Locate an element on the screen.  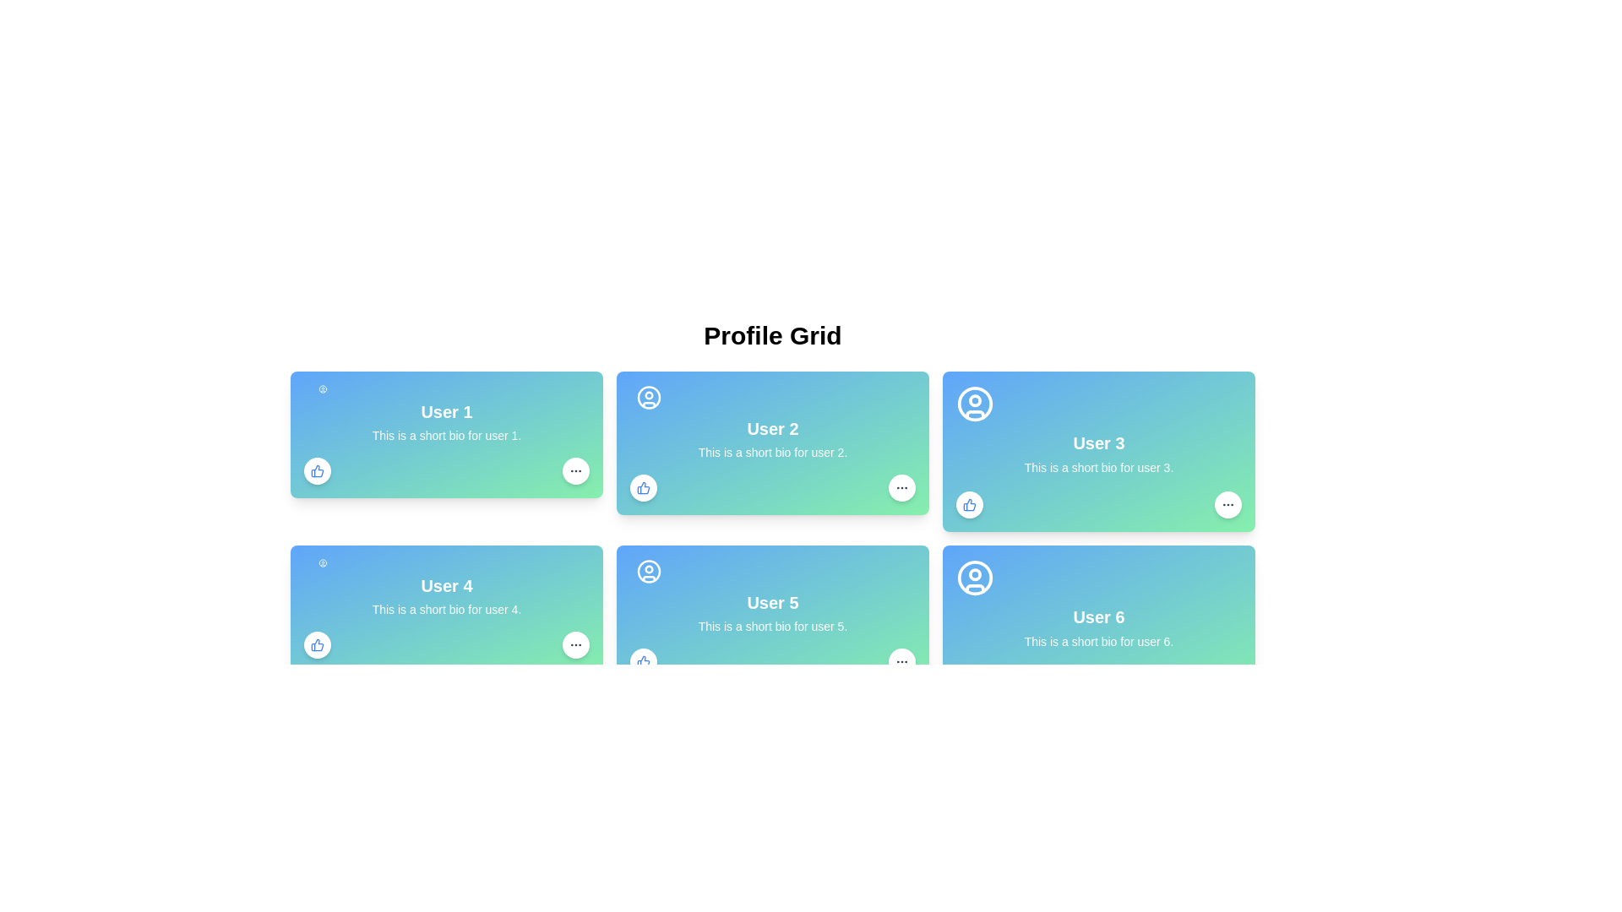
the circular user icon for 'User 6', which features two concentric circles and a rectangular base with a white stroke on a gradient blue-green background, located at the top left of the profile card is located at coordinates (975, 577).